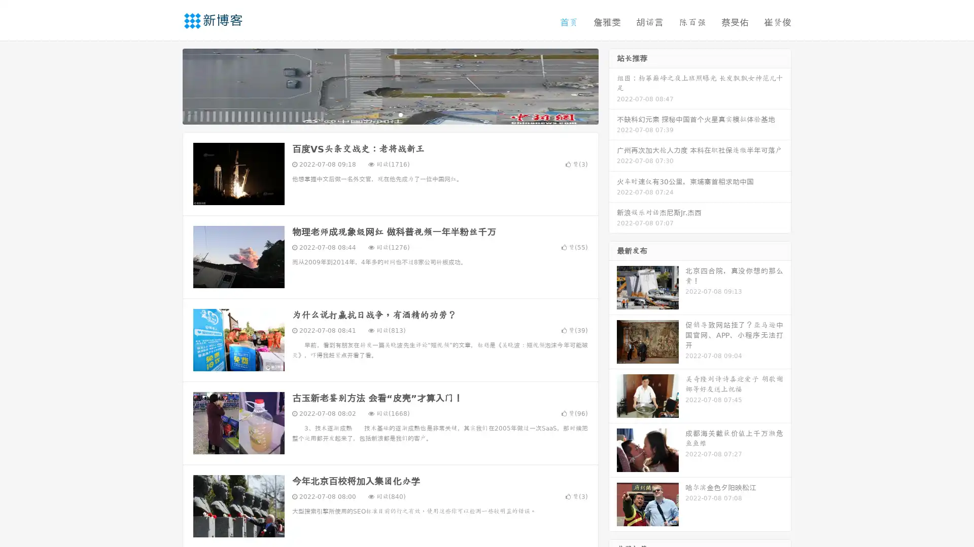 Image resolution: width=974 pixels, height=547 pixels. What do you see at coordinates (379, 114) in the screenshot?
I see `Go to slide 1` at bounding box center [379, 114].